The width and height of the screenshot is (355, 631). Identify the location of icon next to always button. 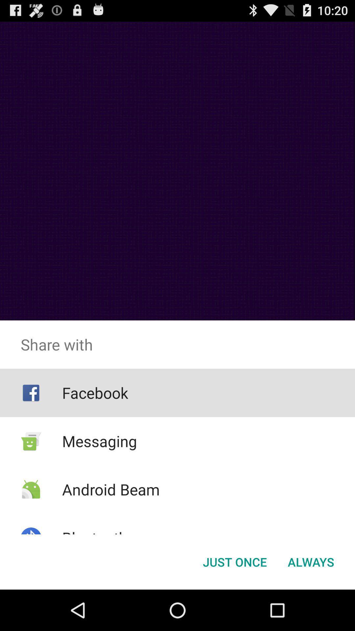
(234, 561).